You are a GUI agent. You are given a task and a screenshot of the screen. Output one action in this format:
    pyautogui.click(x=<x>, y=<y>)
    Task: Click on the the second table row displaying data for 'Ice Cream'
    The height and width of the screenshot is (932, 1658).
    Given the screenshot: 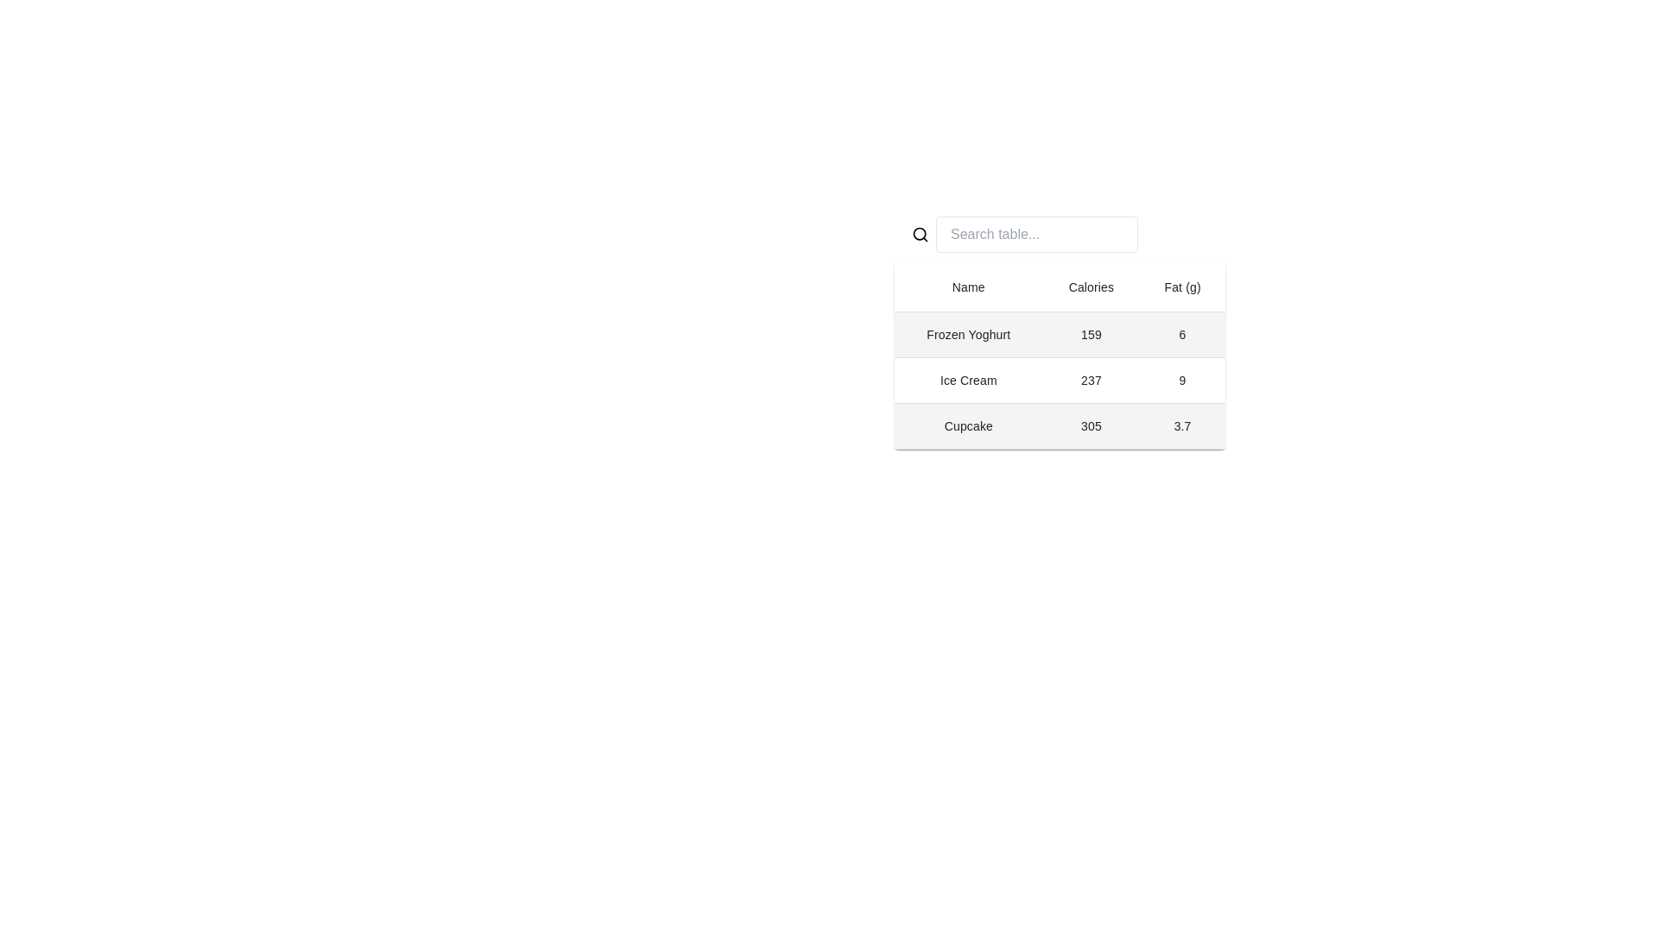 What is the action you would take?
    pyautogui.click(x=1059, y=380)
    